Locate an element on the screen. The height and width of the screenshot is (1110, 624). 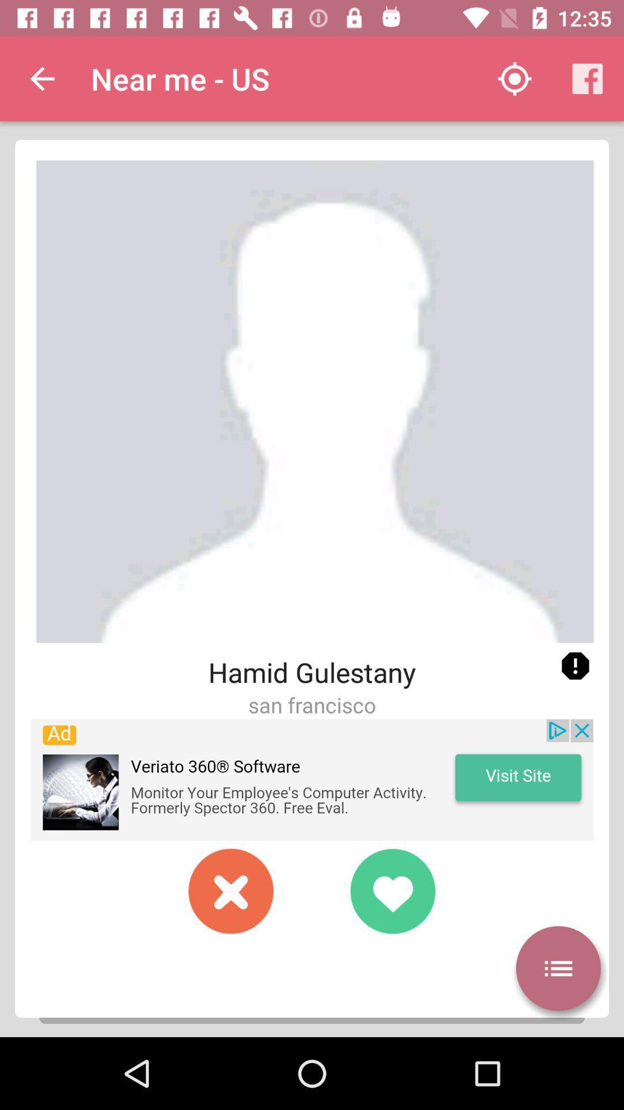
deslike is located at coordinates (231, 890).